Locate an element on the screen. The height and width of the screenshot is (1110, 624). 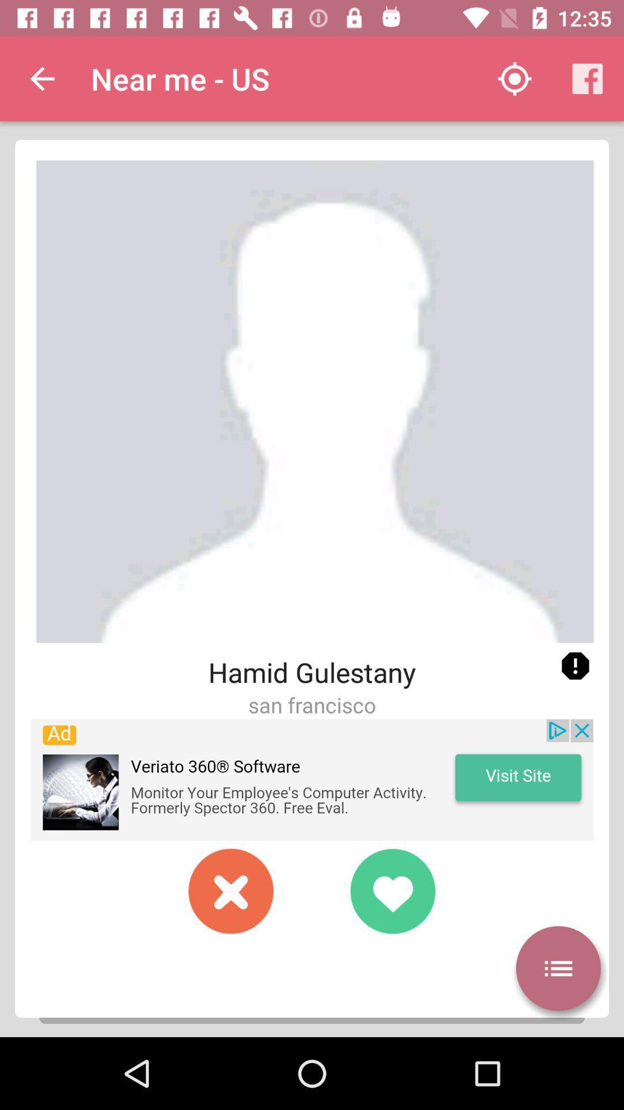
deslike is located at coordinates (231, 890).